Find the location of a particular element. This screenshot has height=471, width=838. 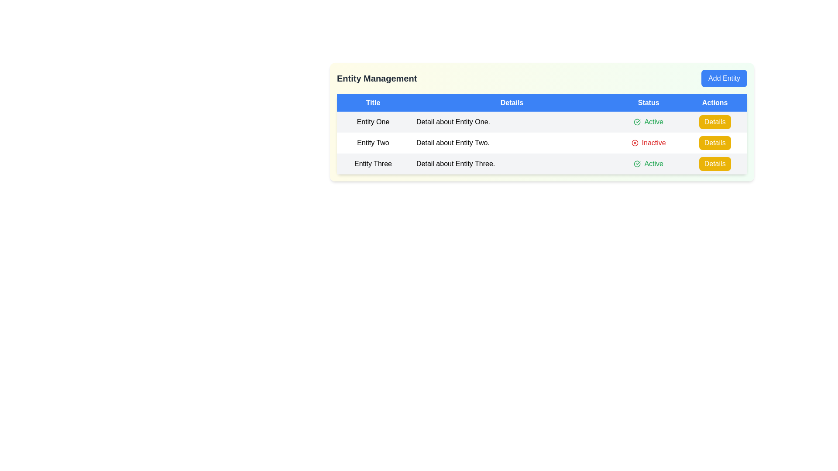

label of the 'Details' tab, which is a blue rectangular header element with white text, positioned as the second tab in a horizontal sequence in the table header is located at coordinates (512, 102).